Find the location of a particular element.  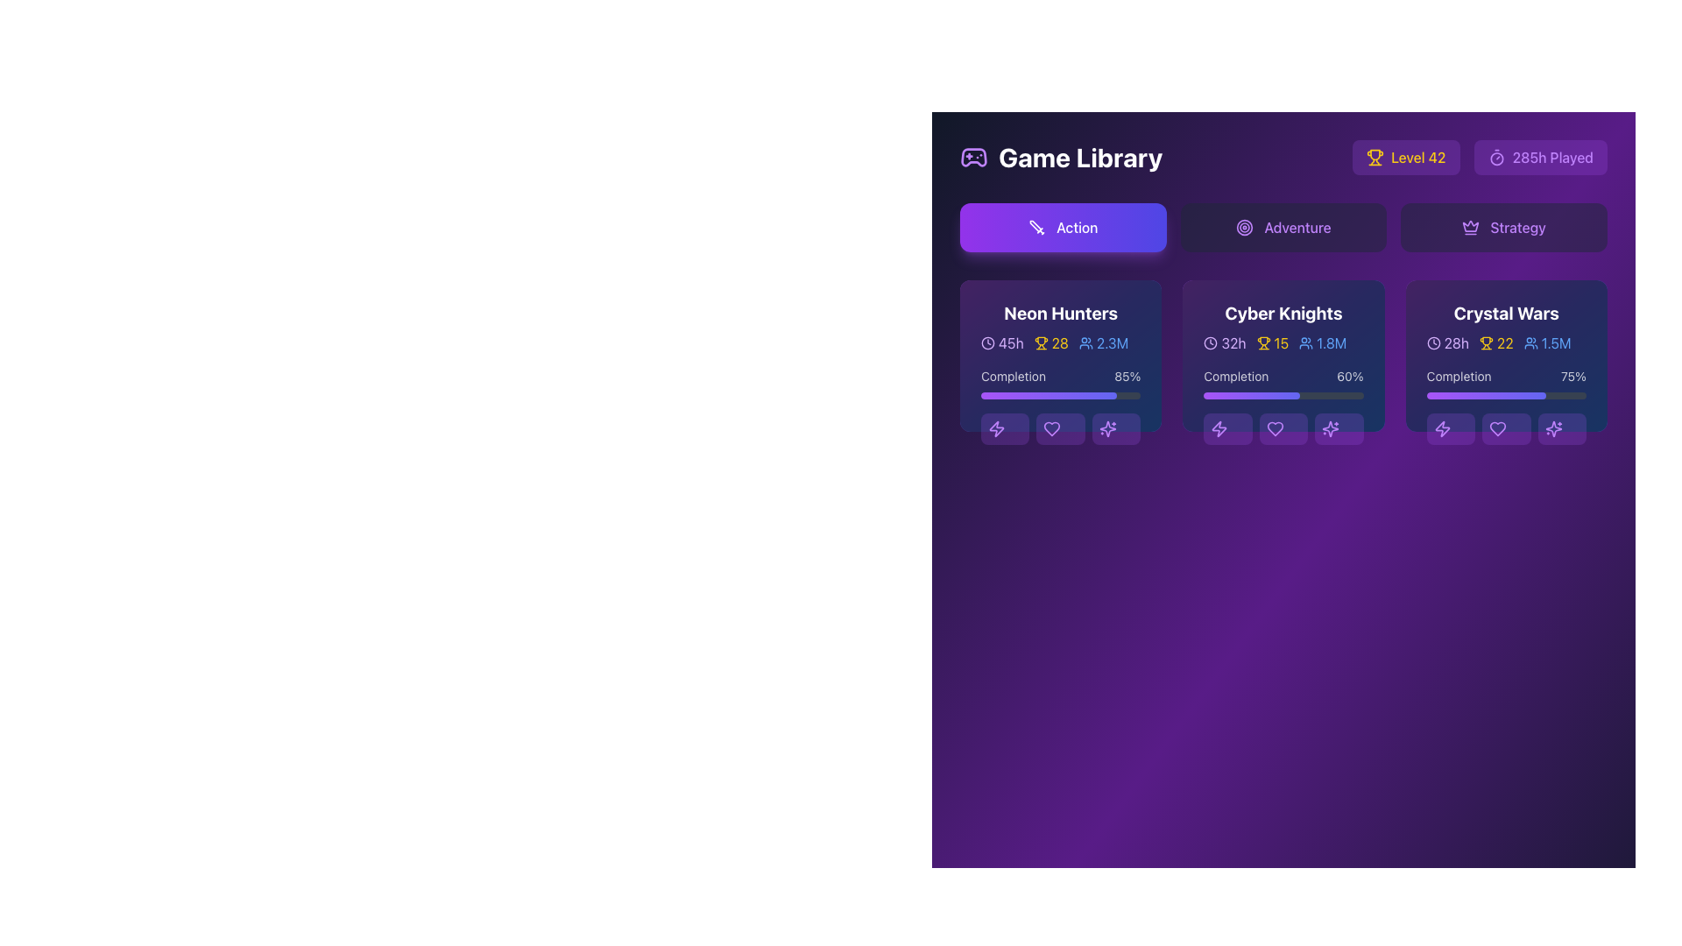

the progress bar indicating completion percentage labeled 'Completion' with the numeric value '60%' on the right, located in the bottom part of the second card (Cyber Knights) is located at coordinates (1283, 383).